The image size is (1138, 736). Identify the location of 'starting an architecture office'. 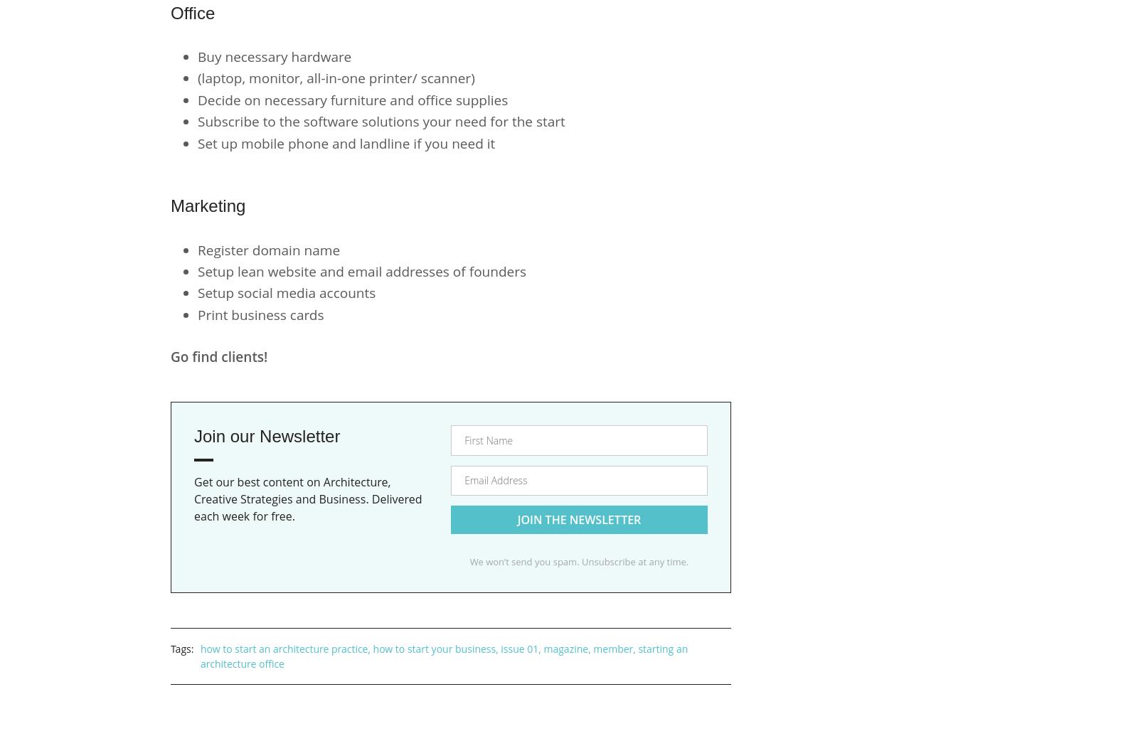
(444, 654).